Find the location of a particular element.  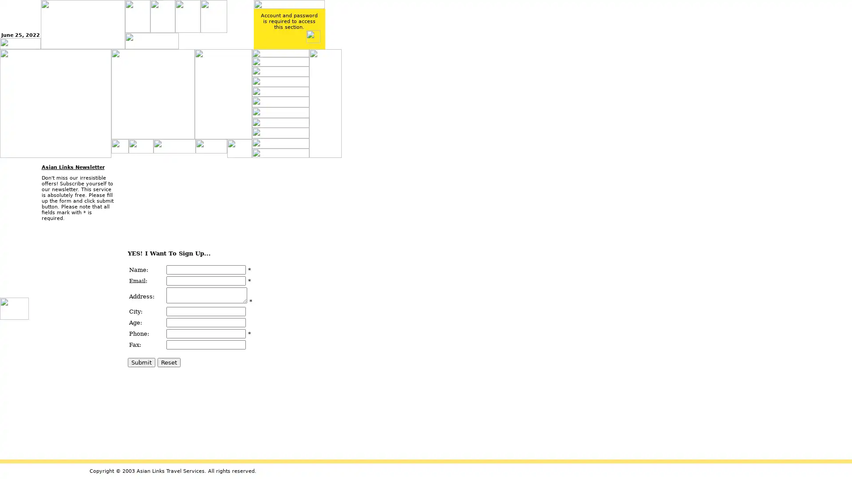

Submit is located at coordinates (141, 362).